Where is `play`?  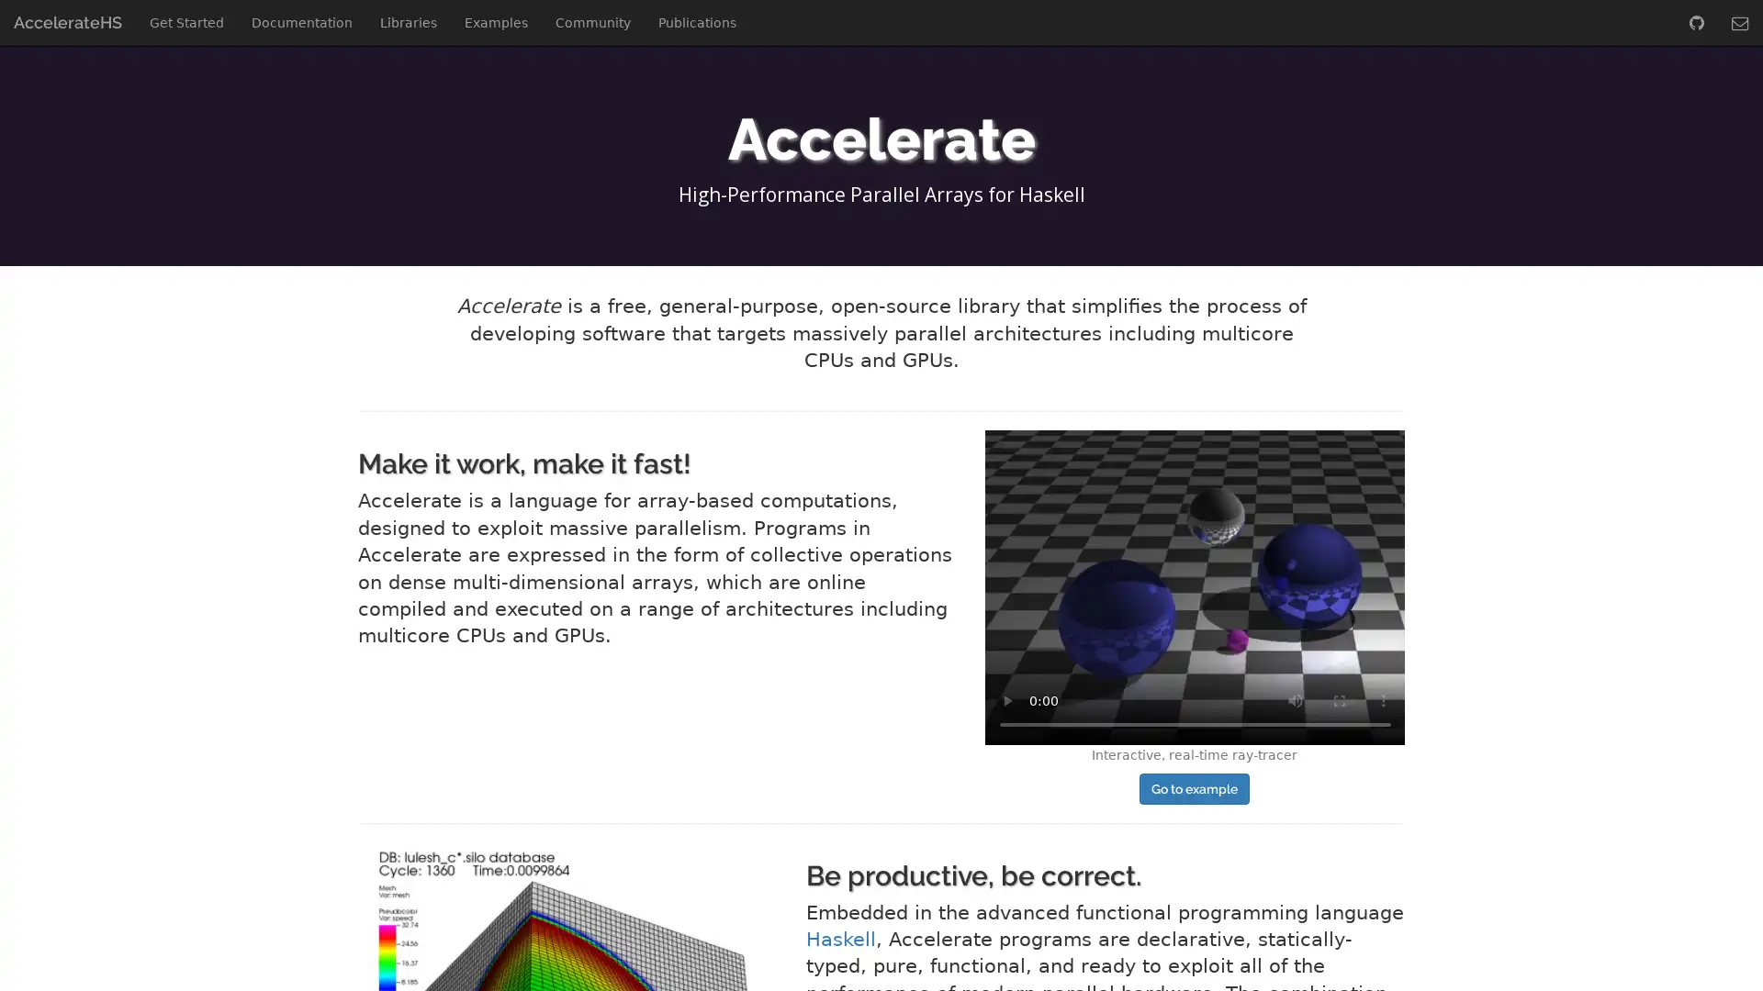 play is located at coordinates (1005, 700).